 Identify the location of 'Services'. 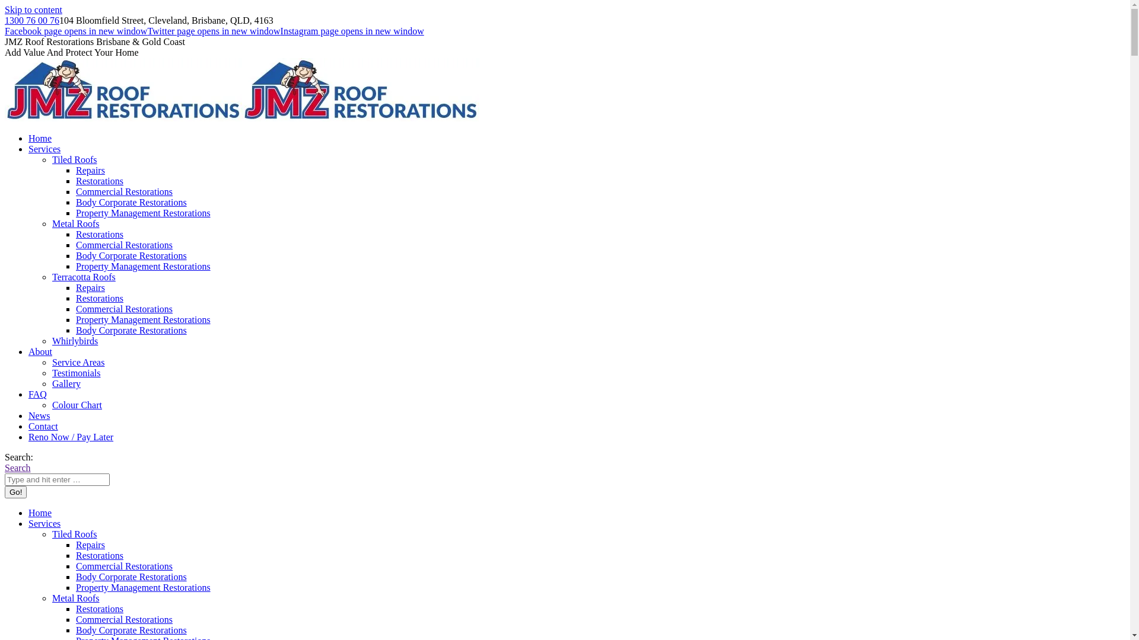
(28, 523).